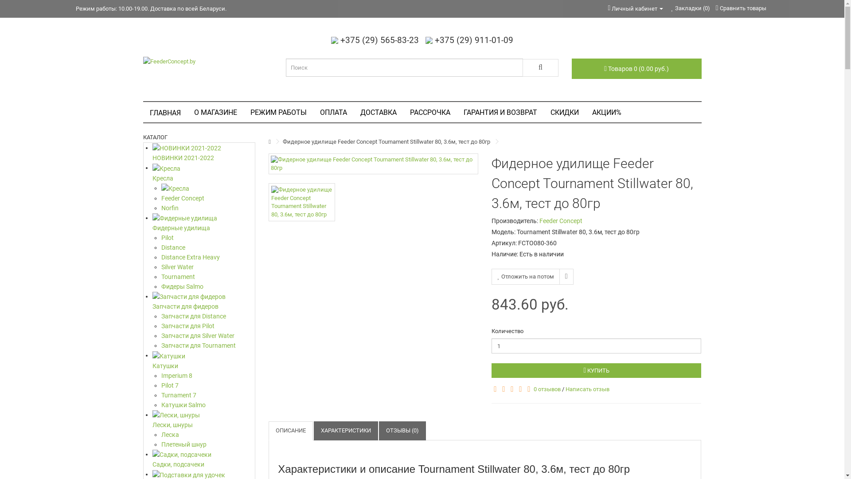  Describe the element at coordinates (208, 257) in the screenshot. I see `'Distance Extra Heavy'` at that location.